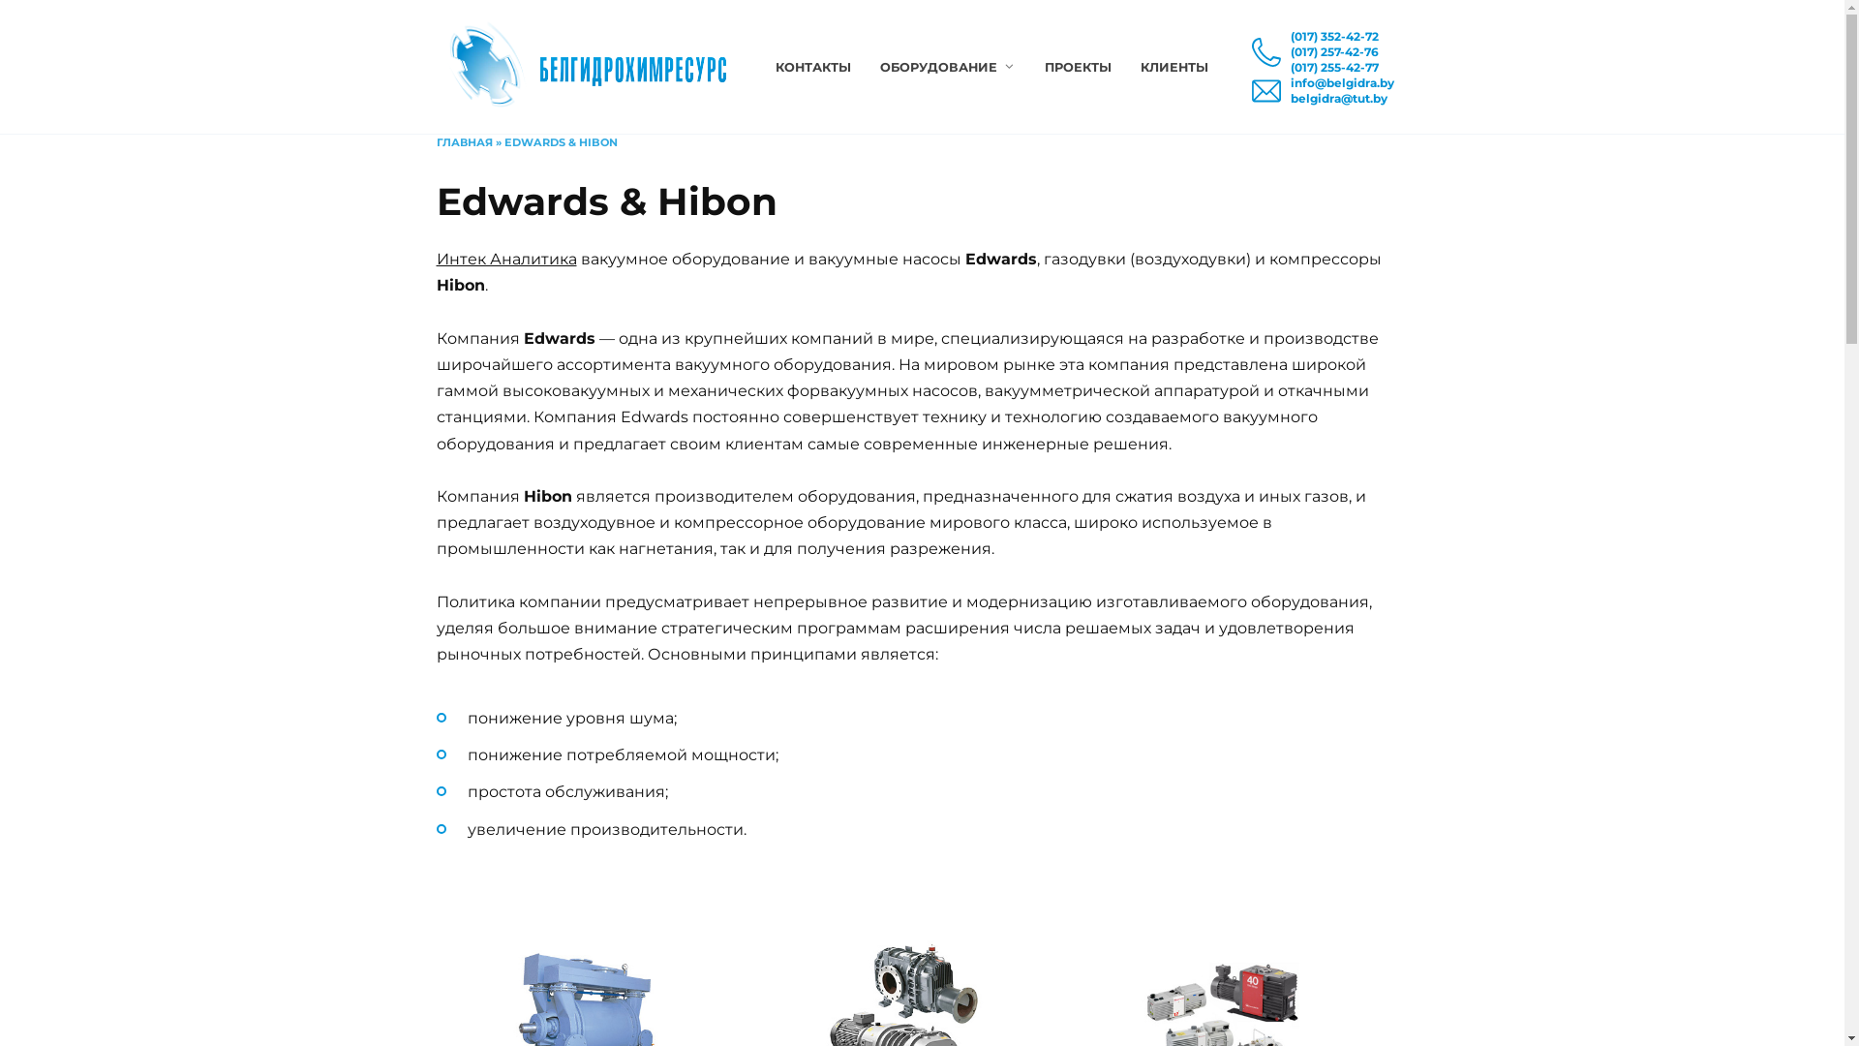 This screenshot has height=1046, width=1859. What do you see at coordinates (1289, 51) in the screenshot?
I see `'(017) 257-42-76'` at bounding box center [1289, 51].